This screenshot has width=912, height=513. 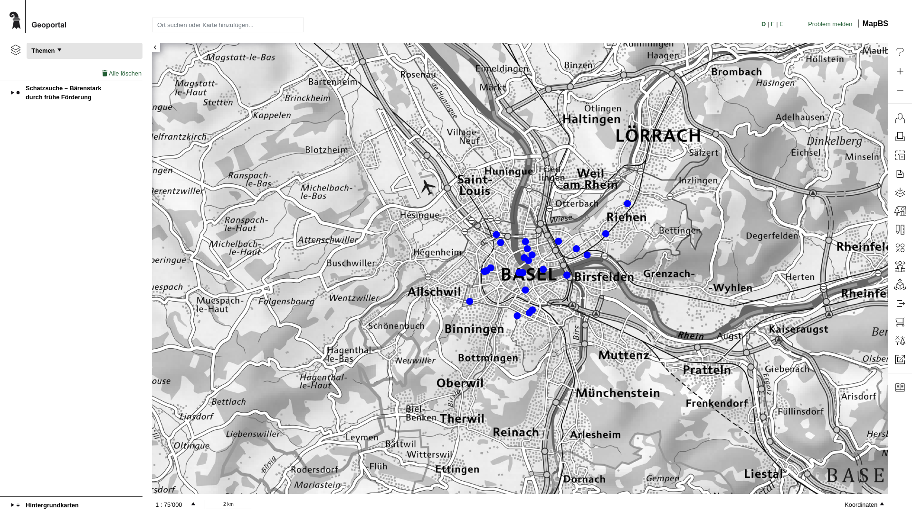 What do you see at coordinates (781, 23) in the screenshot?
I see `' E '` at bounding box center [781, 23].